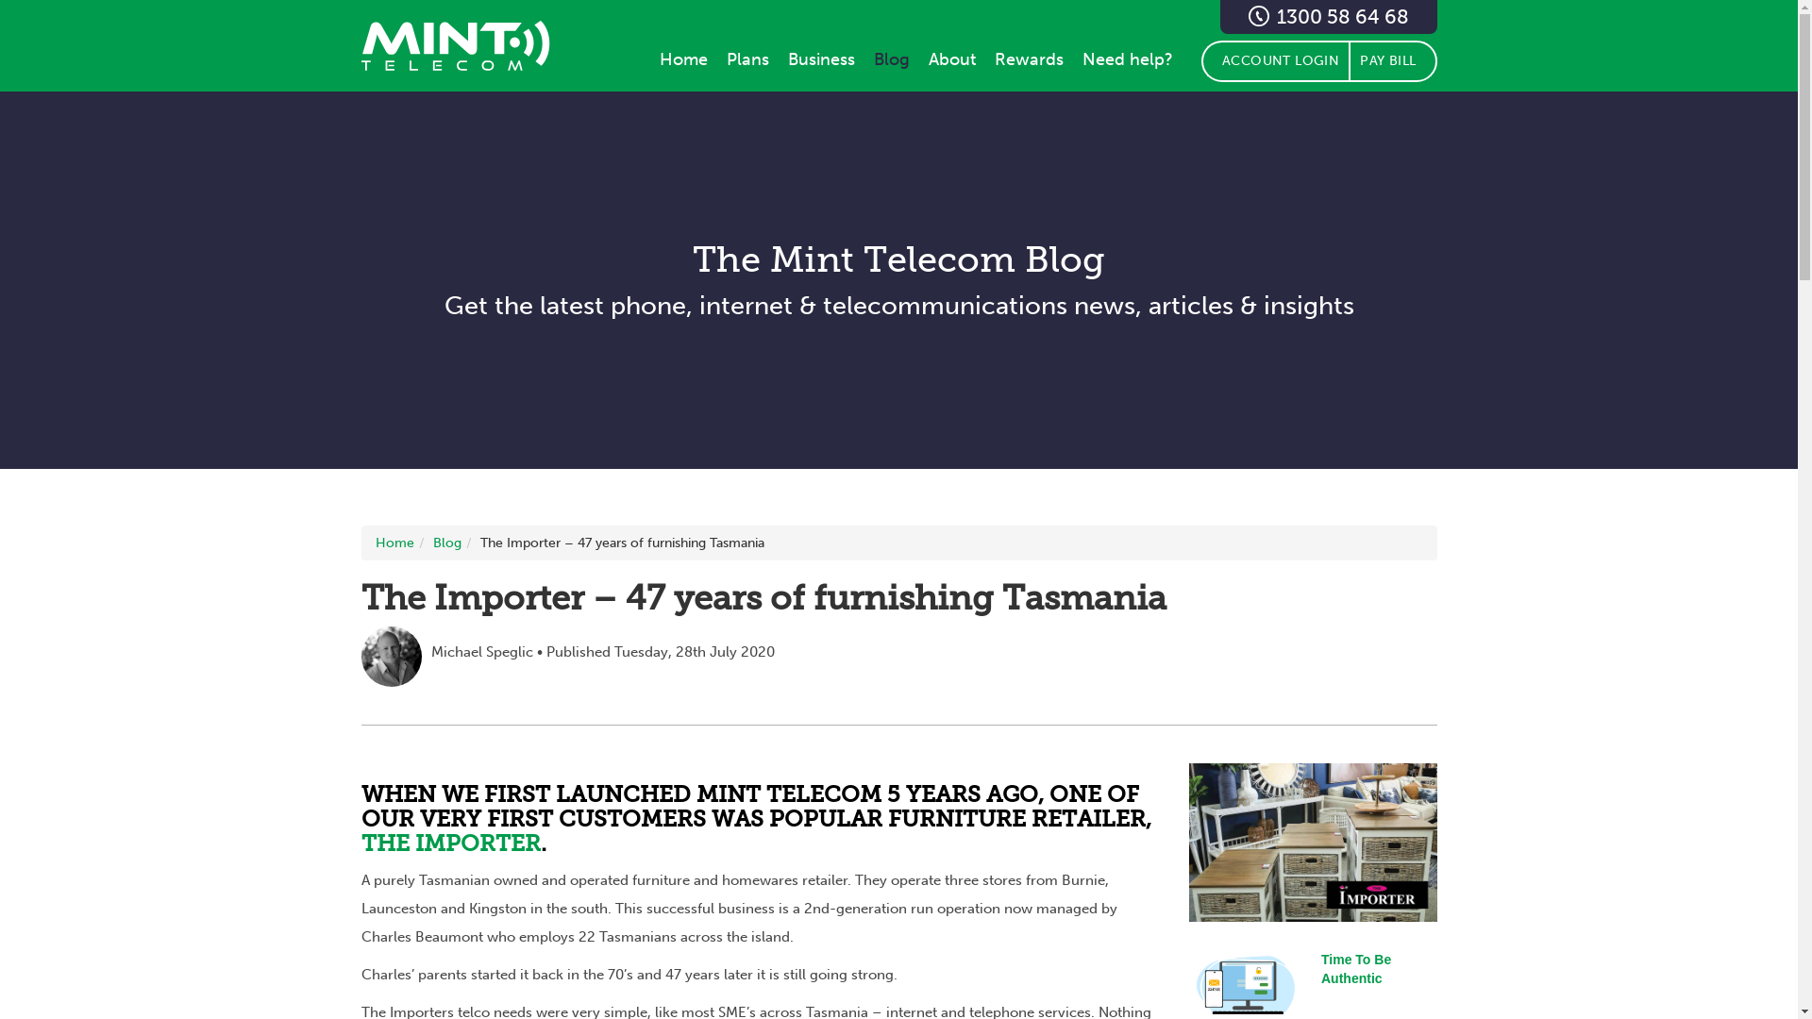 This screenshot has height=1019, width=1812. Describe the element at coordinates (394, 543) in the screenshot. I see `'Home'` at that location.